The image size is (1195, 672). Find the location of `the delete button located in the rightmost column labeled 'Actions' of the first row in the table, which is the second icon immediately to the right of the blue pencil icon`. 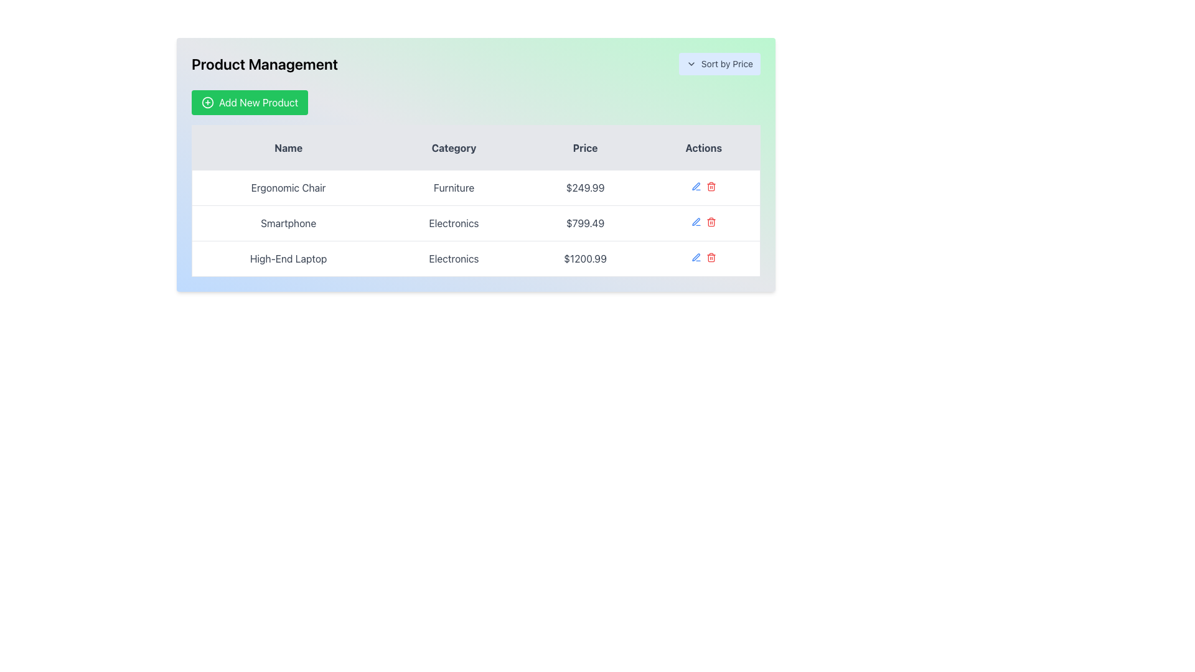

the delete button located in the rightmost column labeled 'Actions' of the first row in the table, which is the second icon immediately to the right of the blue pencil icon is located at coordinates (711, 187).